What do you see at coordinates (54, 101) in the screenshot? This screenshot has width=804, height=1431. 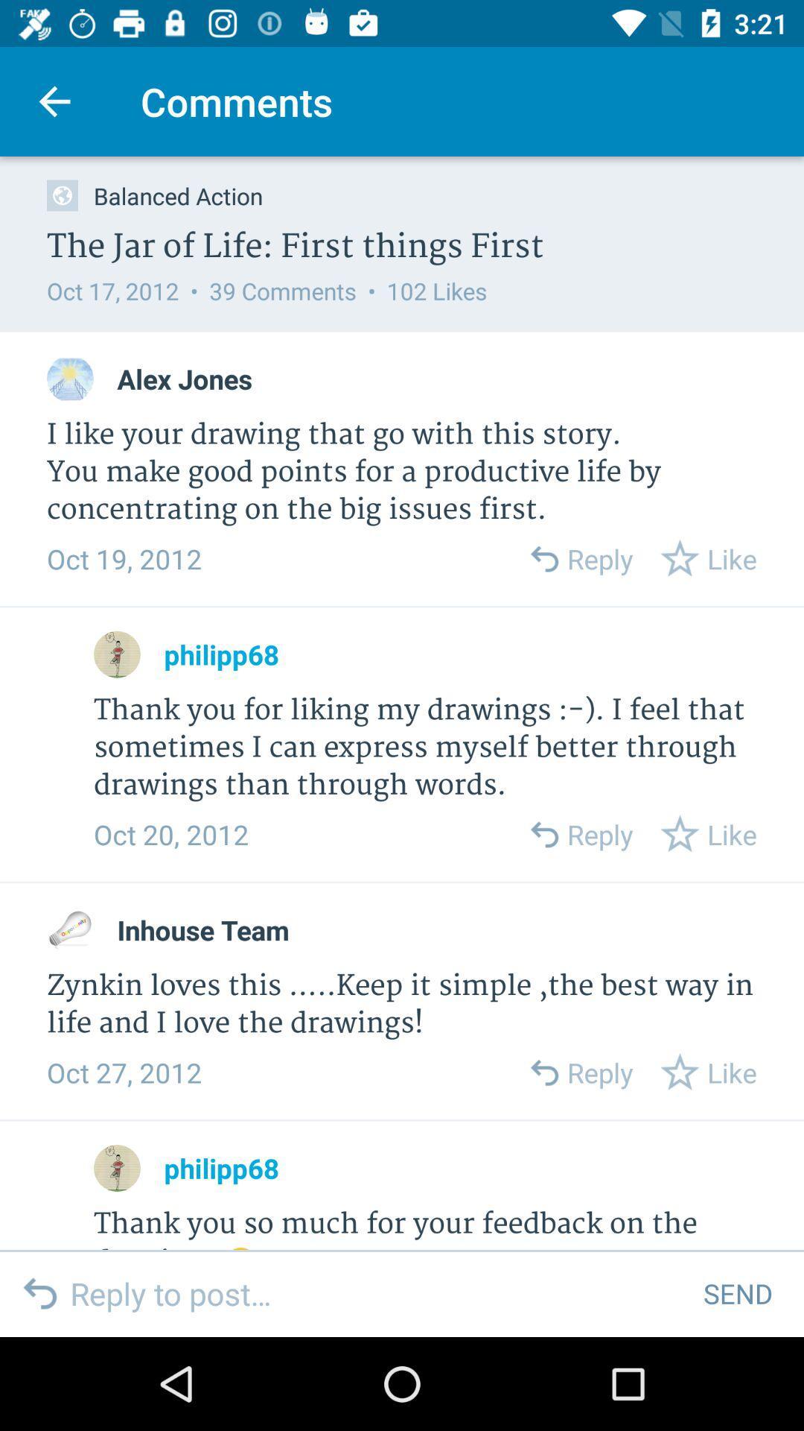 I see `item next to the comments icon` at bounding box center [54, 101].